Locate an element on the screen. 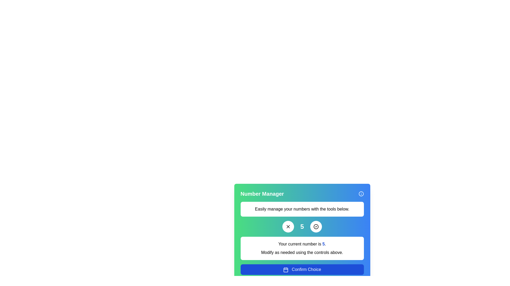  the informational text section that shows 'Your current number is 5.' with a white background and rounded corners is located at coordinates (302, 248).